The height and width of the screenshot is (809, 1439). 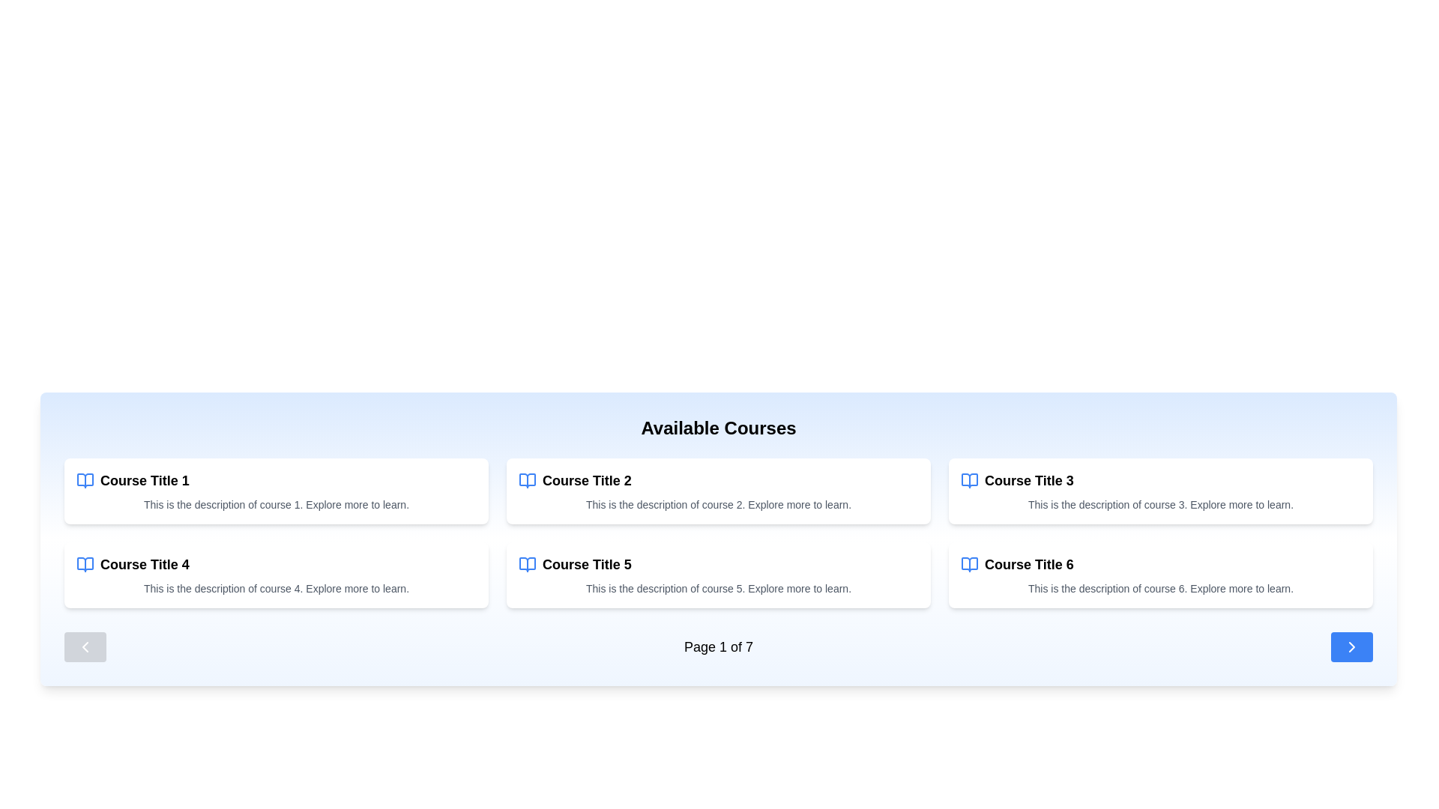 What do you see at coordinates (586, 480) in the screenshot?
I see `the bold text displaying 'Course Title 2', which is the title of the second course card in the upper row of the grid layout, to trigger potential hover effects` at bounding box center [586, 480].